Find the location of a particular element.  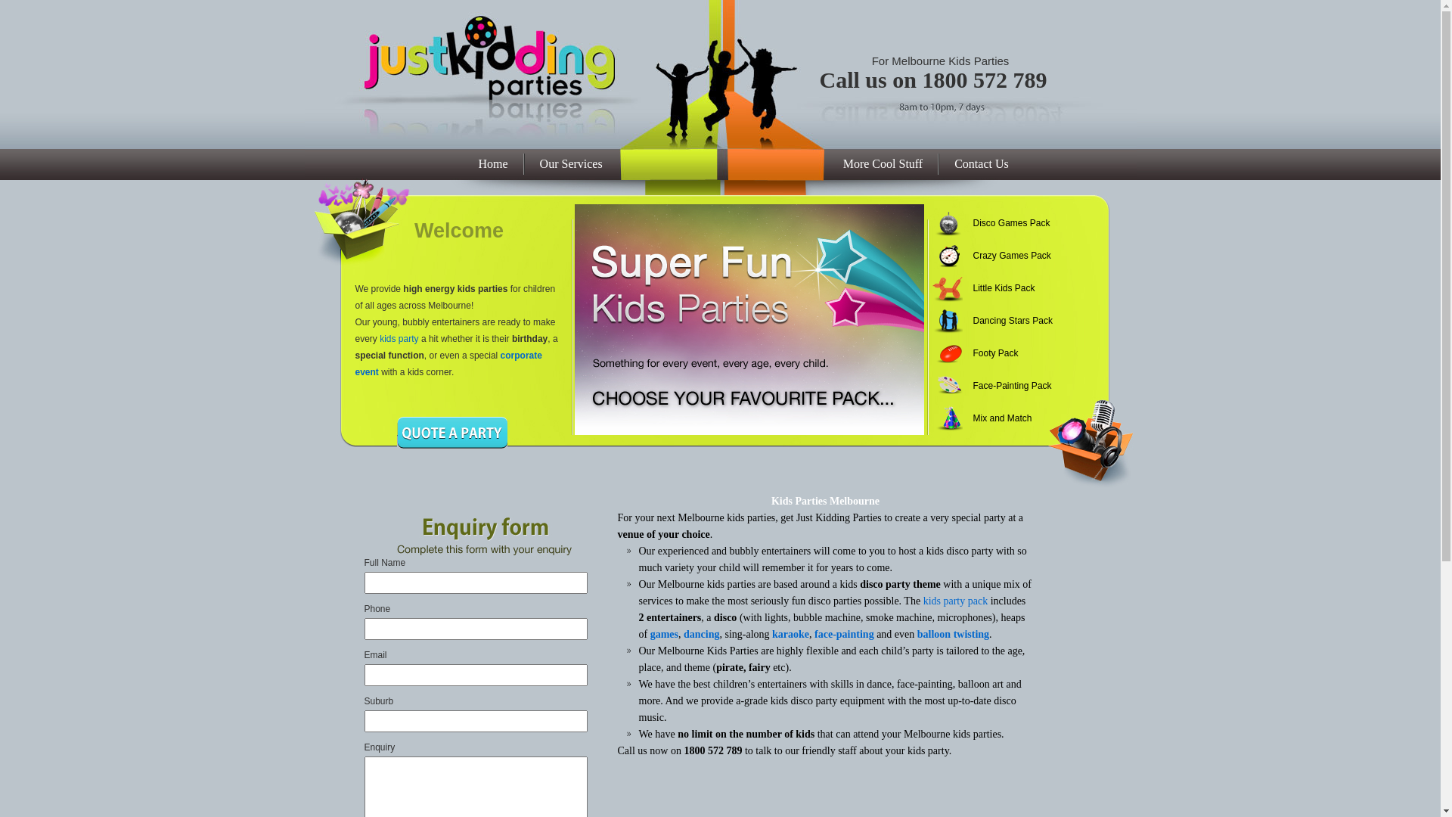

'corporate event' is located at coordinates (448, 364).